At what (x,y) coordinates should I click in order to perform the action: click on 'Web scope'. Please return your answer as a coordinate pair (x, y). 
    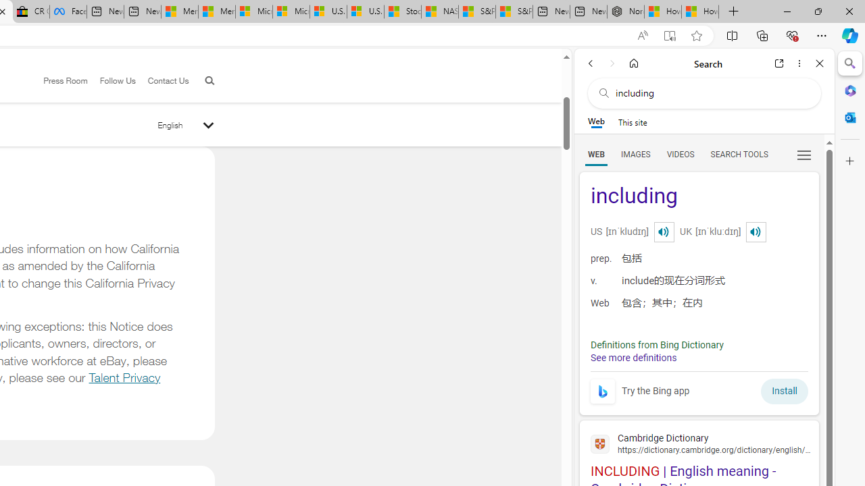
    Looking at the image, I should click on (595, 122).